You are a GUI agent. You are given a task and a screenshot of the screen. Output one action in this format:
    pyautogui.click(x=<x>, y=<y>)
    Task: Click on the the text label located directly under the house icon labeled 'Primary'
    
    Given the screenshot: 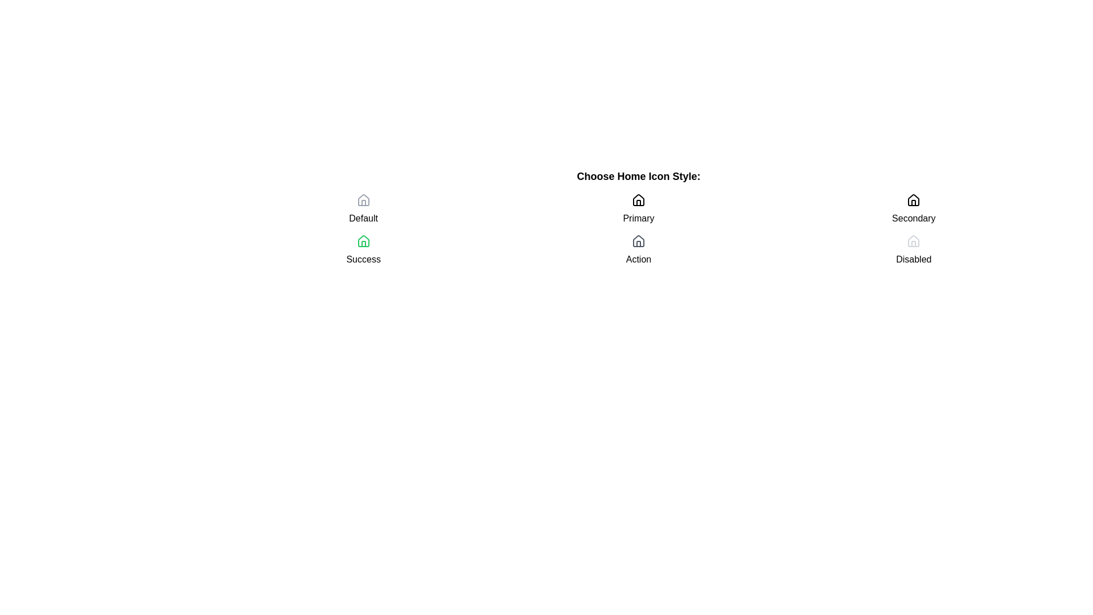 What is the action you would take?
    pyautogui.click(x=639, y=259)
    